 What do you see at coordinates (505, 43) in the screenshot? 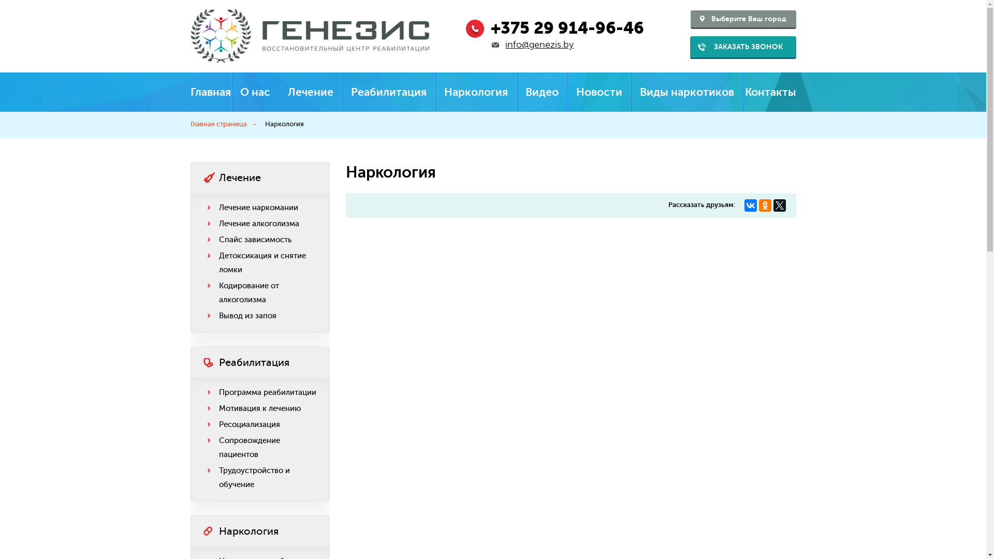
I see `'info@genezis.by'` at bounding box center [505, 43].